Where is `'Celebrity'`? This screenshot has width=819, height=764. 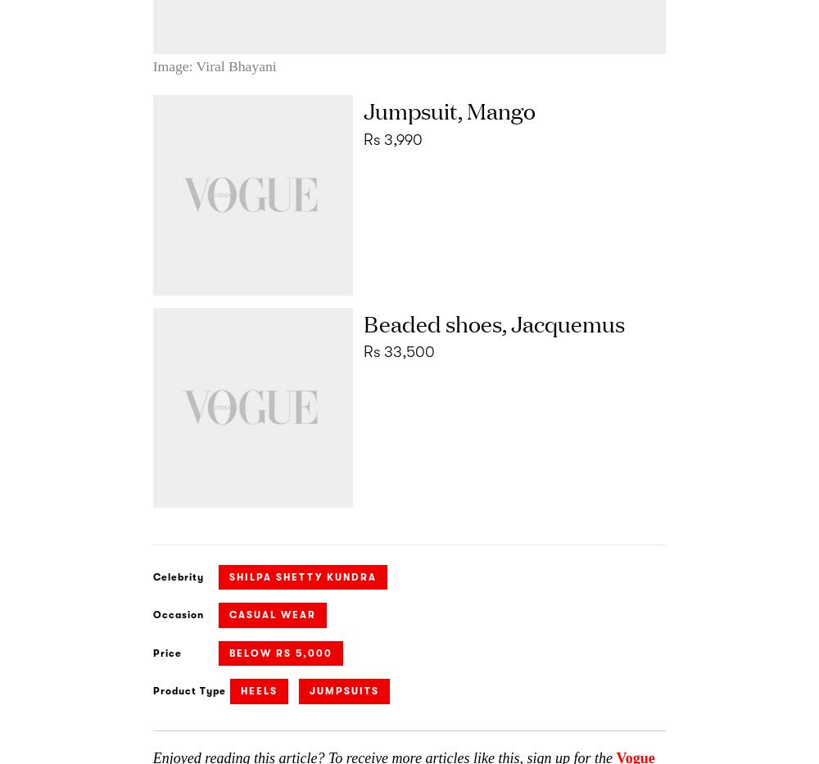
'Celebrity' is located at coordinates (152, 576).